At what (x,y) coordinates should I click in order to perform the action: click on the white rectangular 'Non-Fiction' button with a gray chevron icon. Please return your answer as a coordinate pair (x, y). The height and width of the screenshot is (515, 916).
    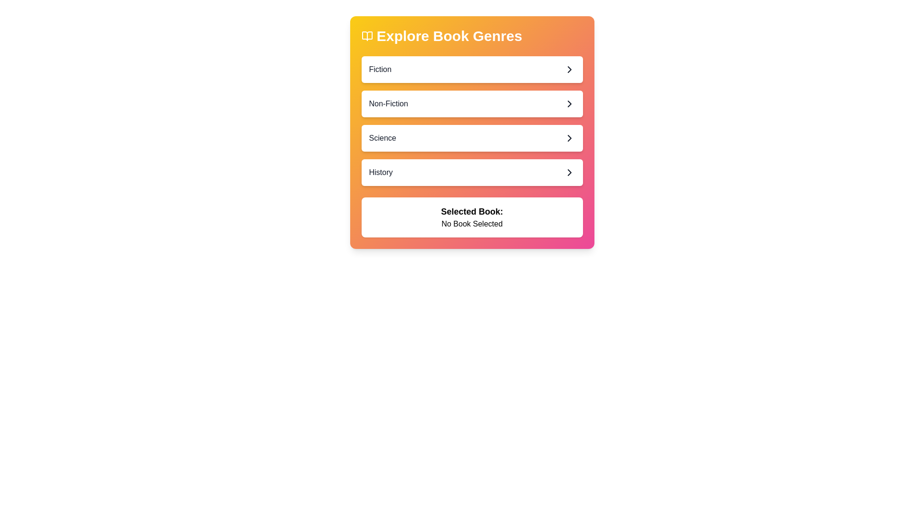
    Looking at the image, I should click on (472, 121).